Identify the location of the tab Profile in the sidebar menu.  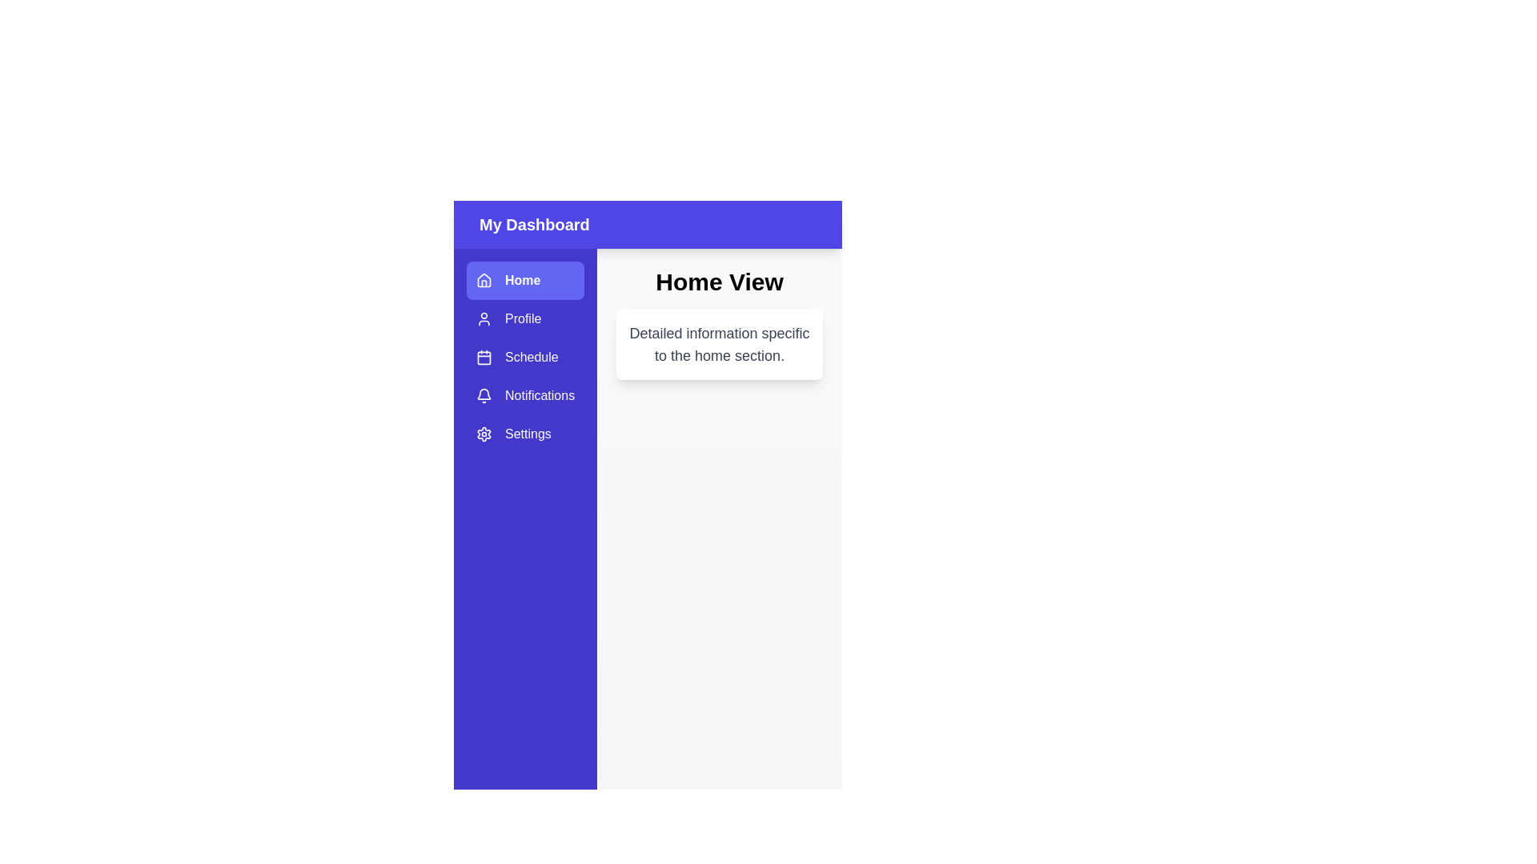
(525, 318).